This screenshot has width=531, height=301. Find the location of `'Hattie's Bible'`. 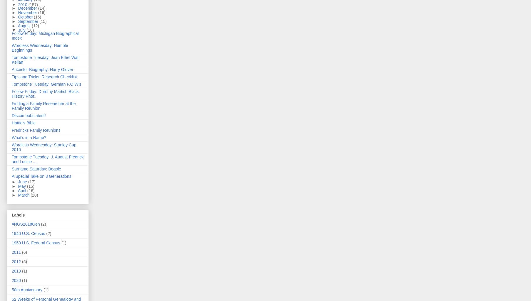

'Hattie's Bible' is located at coordinates (23, 123).